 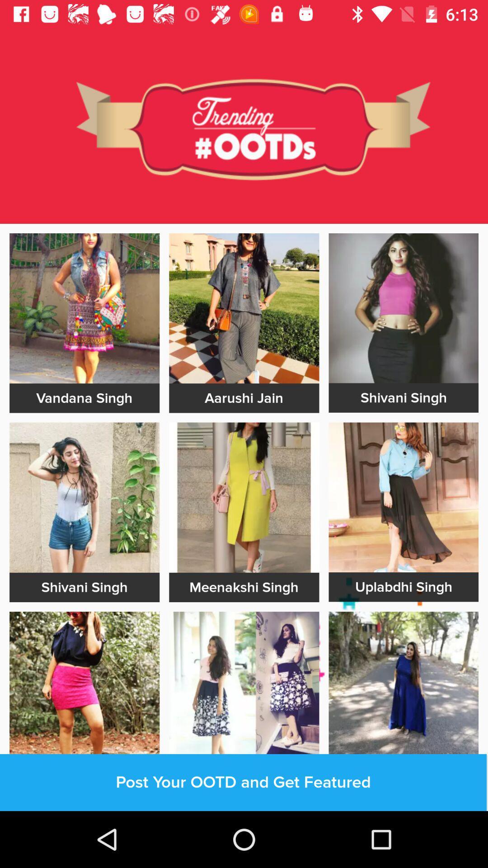 What do you see at coordinates (403, 686) in the screenshot?
I see `see profile` at bounding box center [403, 686].